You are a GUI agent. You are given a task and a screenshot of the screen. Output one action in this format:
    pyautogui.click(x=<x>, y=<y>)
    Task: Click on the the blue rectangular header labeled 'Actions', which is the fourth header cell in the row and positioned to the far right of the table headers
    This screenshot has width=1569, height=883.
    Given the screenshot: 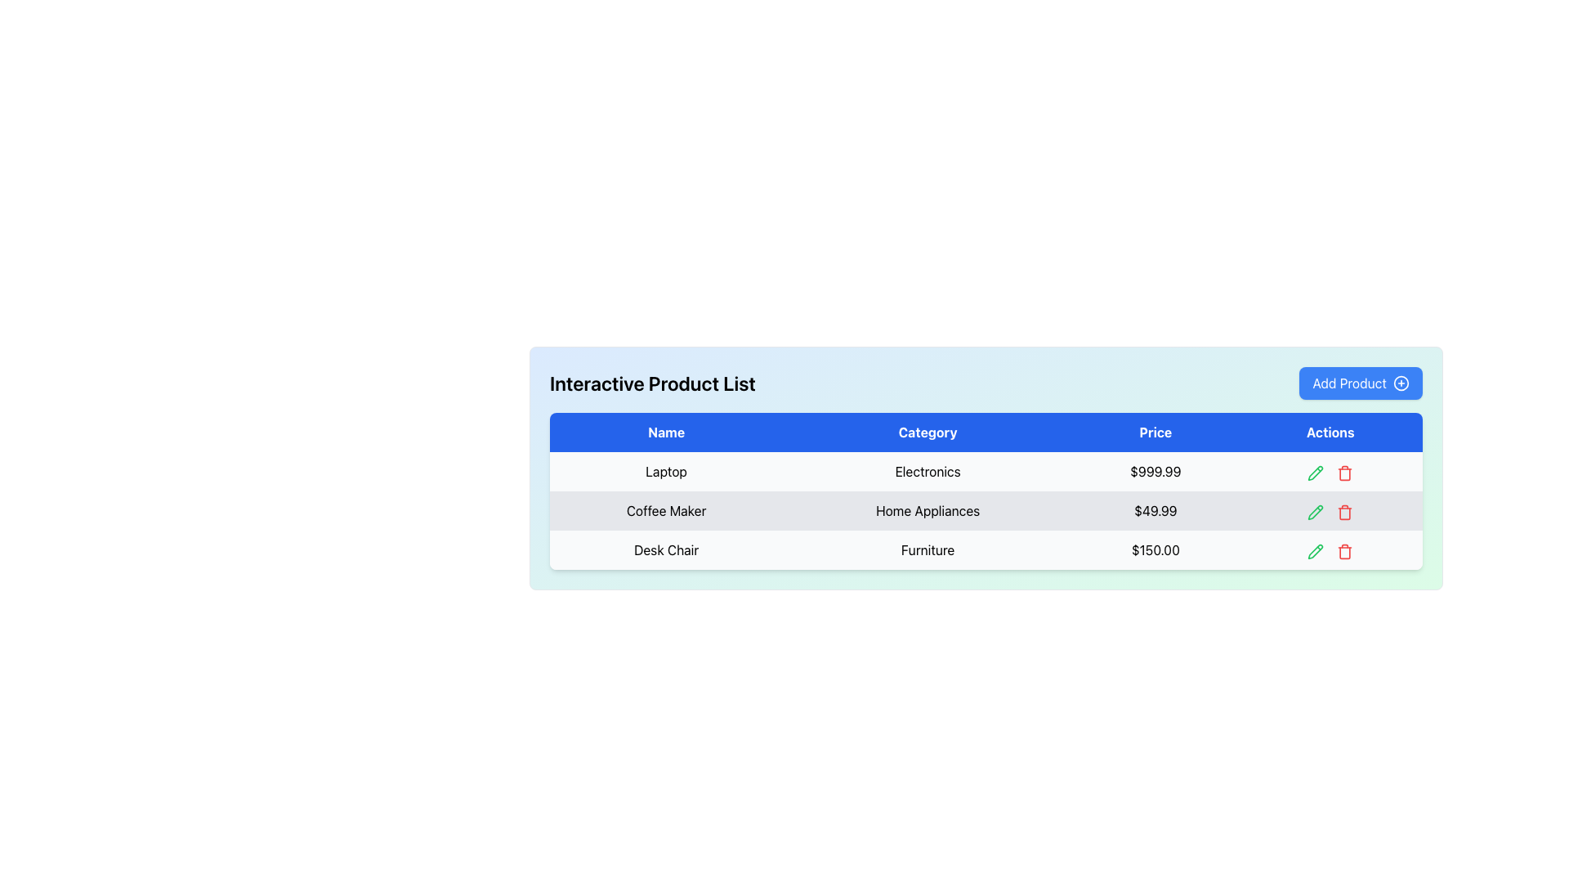 What is the action you would take?
    pyautogui.click(x=1330, y=431)
    